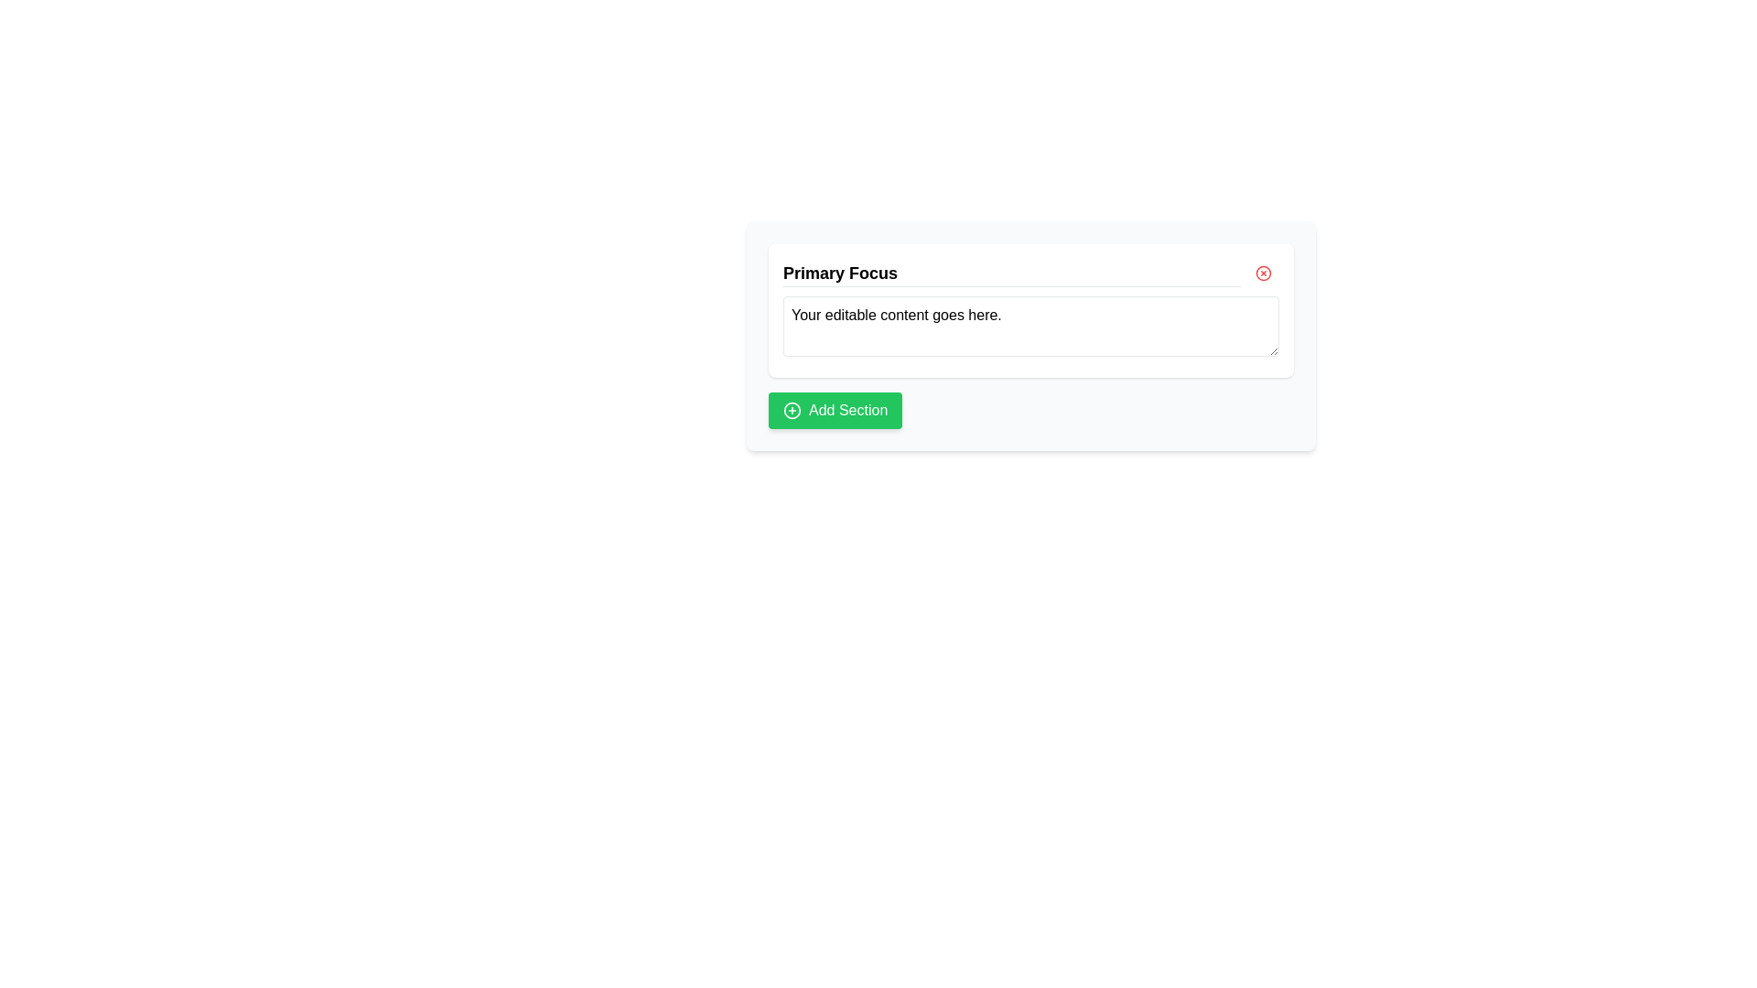 The width and height of the screenshot is (1757, 988). What do you see at coordinates (835, 409) in the screenshot?
I see `the 'Add Section' button, which is a green rectangular button with rounded corners, containing a white plus icon and the label 'Add Section' in white text, to observe any visual changes indicating interactivity` at bounding box center [835, 409].